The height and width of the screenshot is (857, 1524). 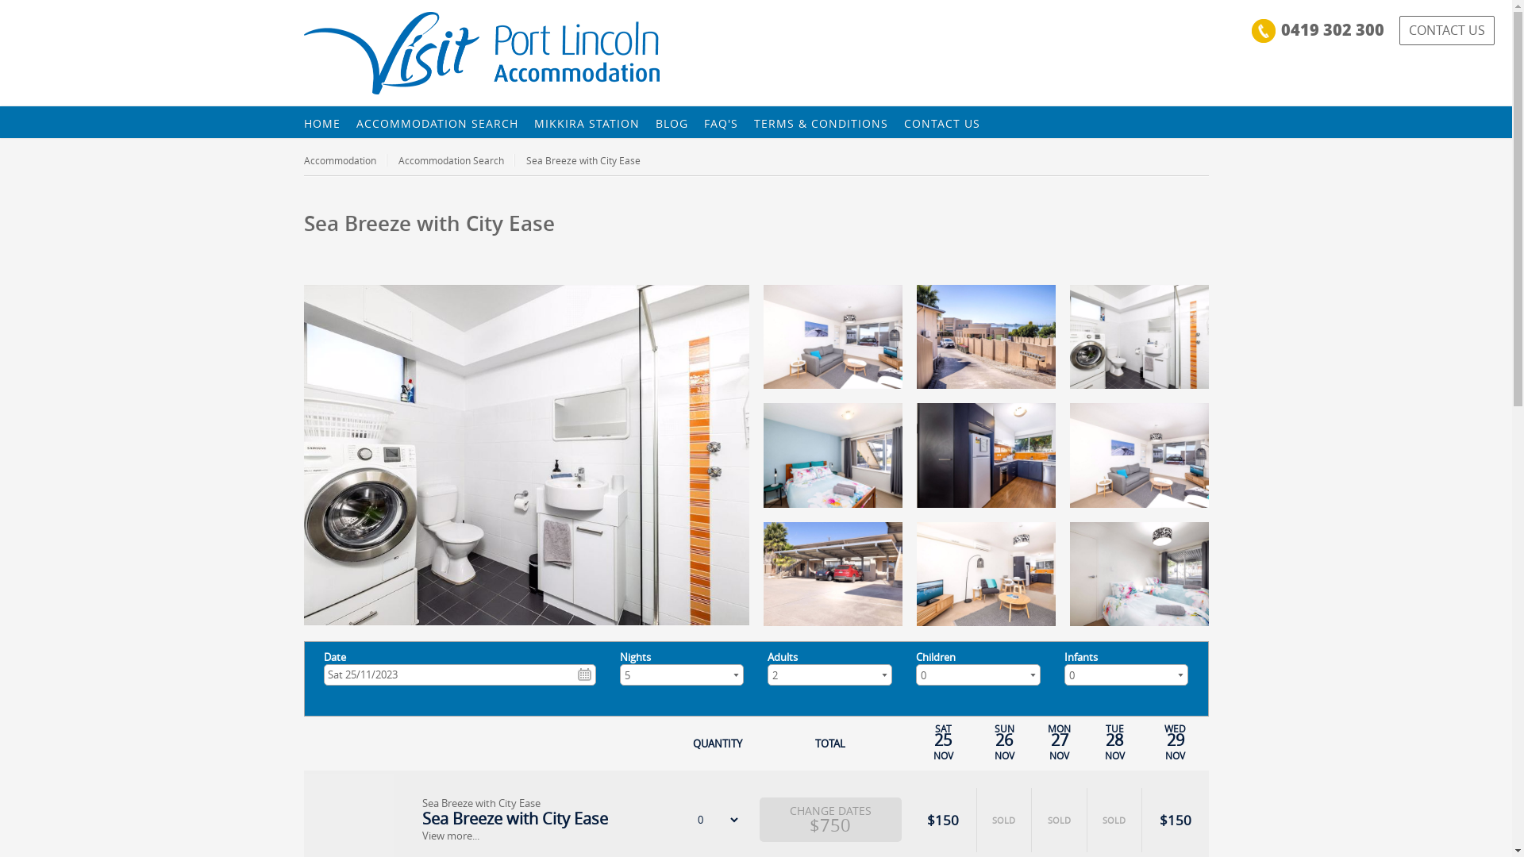 What do you see at coordinates (1176, 740) in the screenshot?
I see `'29'` at bounding box center [1176, 740].